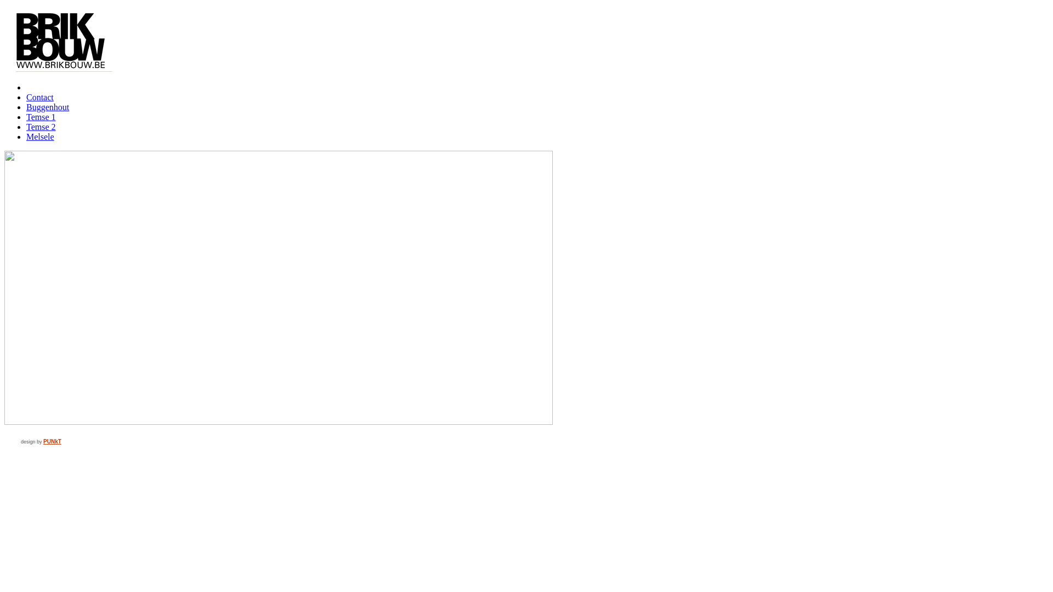 This screenshot has height=592, width=1053. Describe the element at coordinates (40, 136) in the screenshot. I see `'Melsele'` at that location.